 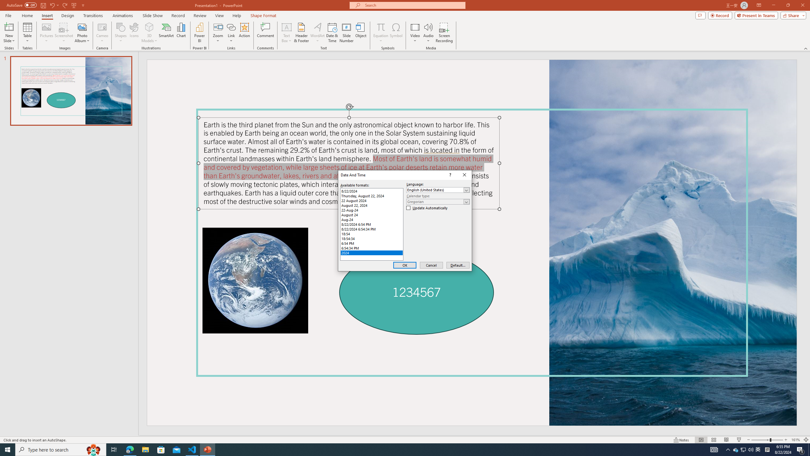 What do you see at coordinates (129, 449) in the screenshot?
I see `'File Explorer'` at bounding box center [129, 449].